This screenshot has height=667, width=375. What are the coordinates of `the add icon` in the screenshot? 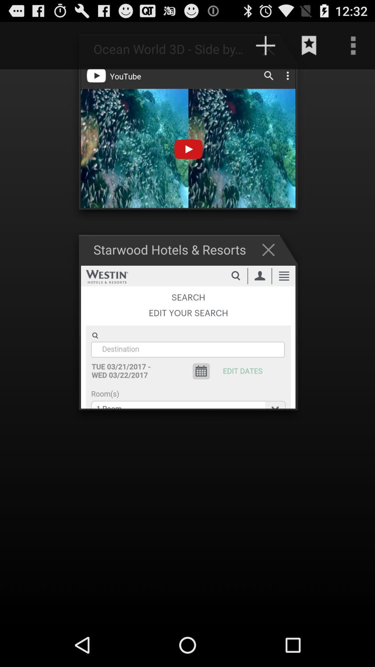 It's located at (272, 52).